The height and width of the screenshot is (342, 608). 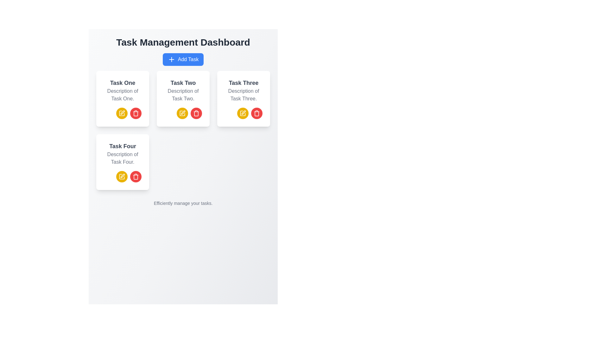 What do you see at coordinates (243, 95) in the screenshot?
I see `static text descriptor for 'Task Three' located in the third task card on the task management dashboard, positioned below the title text and above the interactive buttons` at bounding box center [243, 95].